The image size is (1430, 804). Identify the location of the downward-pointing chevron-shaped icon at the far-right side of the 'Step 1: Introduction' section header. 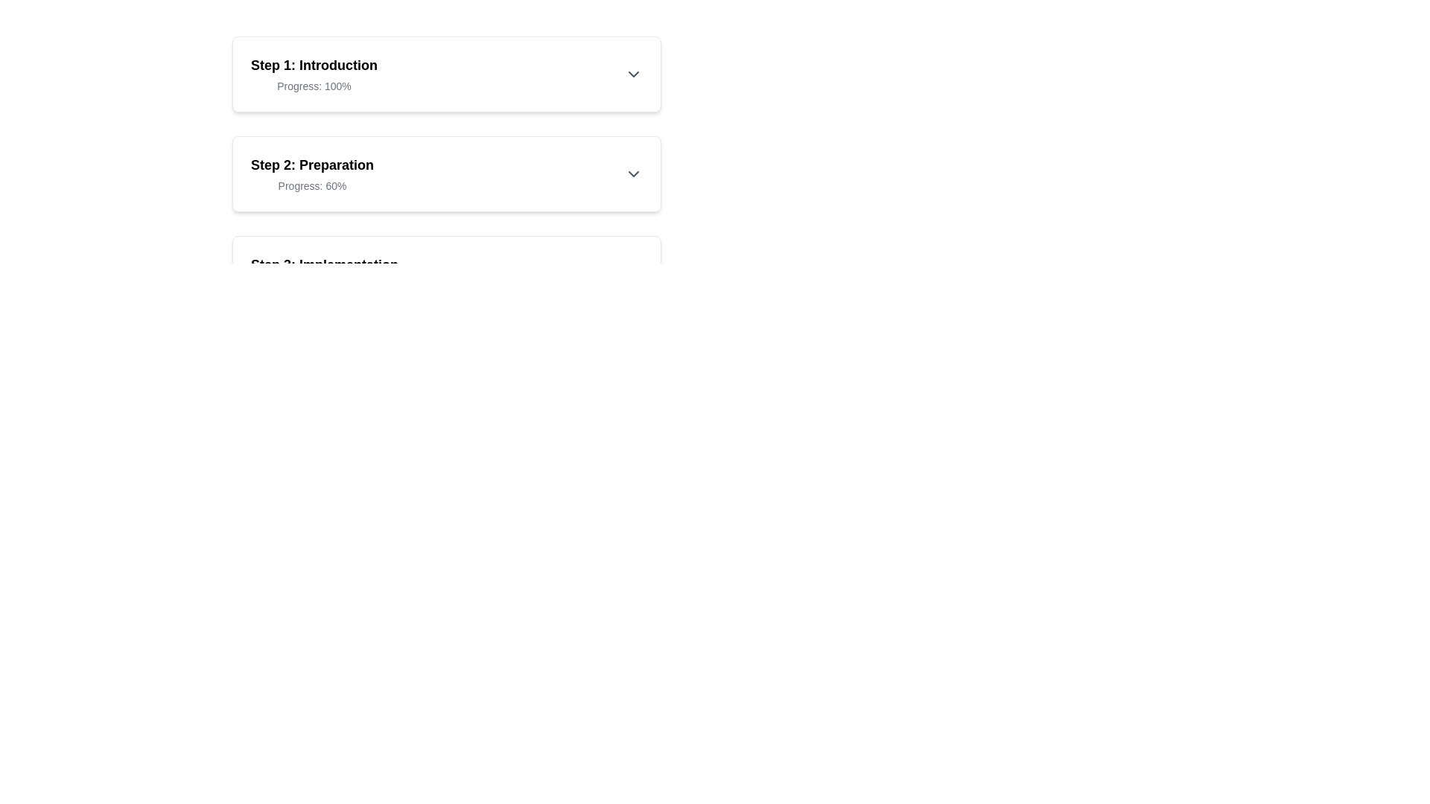
(633, 74).